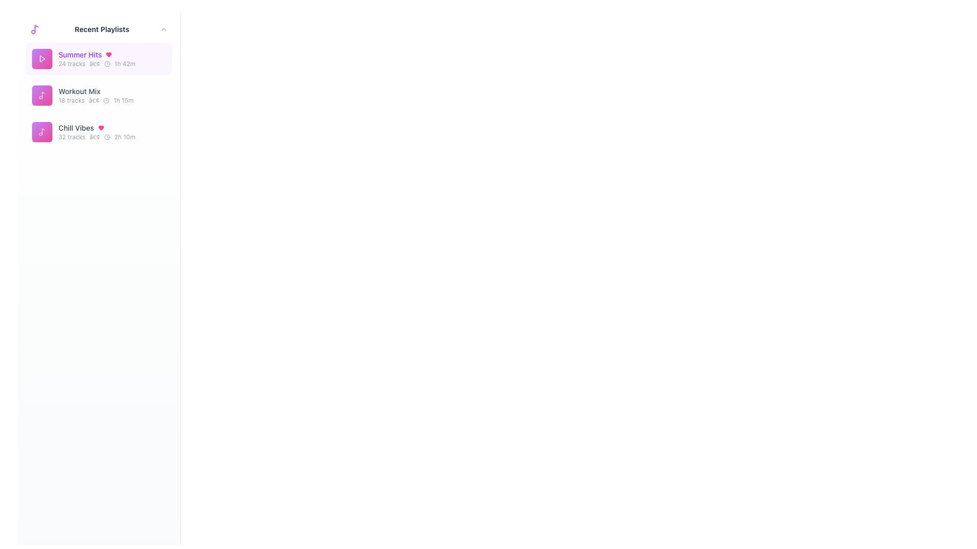 Image resolution: width=977 pixels, height=549 pixels. Describe the element at coordinates (124, 137) in the screenshot. I see `duration displayed in the text label showing '2h 10m' at the end of the descriptive line about the playlist 'Chill Vibes'` at that location.